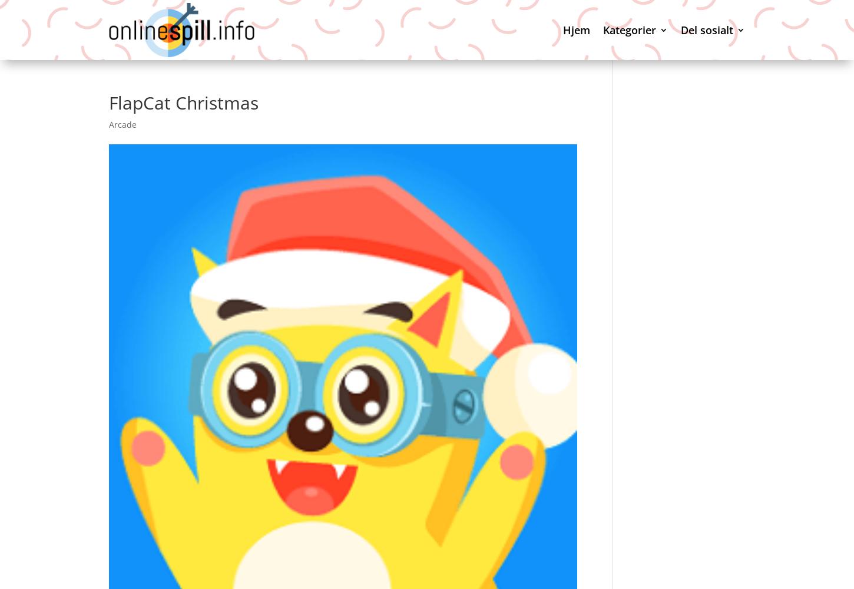 The height and width of the screenshot is (589, 854). Describe the element at coordinates (629, 29) in the screenshot. I see `'Kategorier'` at that location.